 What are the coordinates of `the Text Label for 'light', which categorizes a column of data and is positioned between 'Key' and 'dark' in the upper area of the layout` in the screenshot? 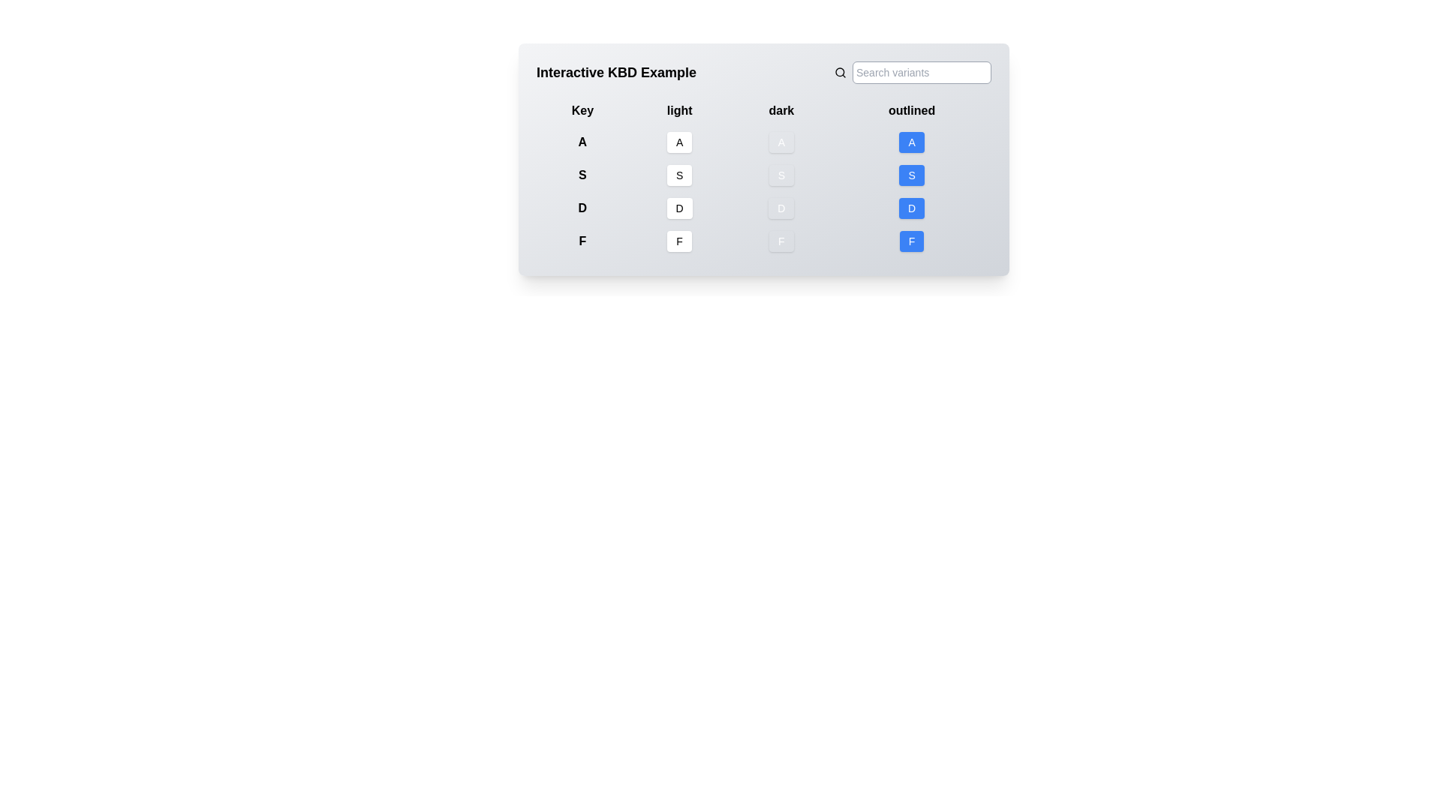 It's located at (678, 109).